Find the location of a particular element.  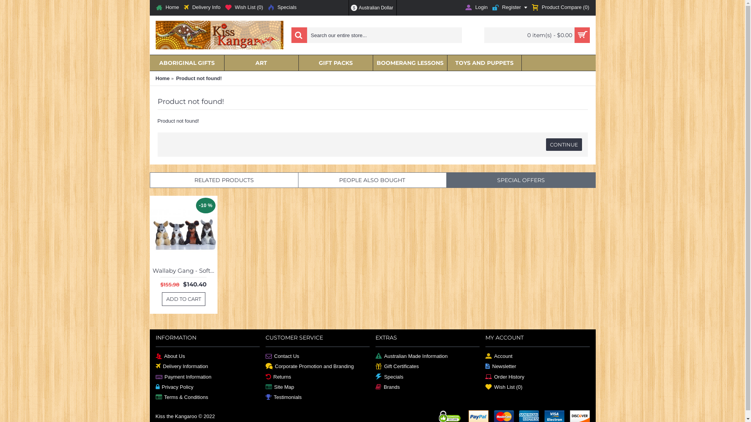

'Contact Us' is located at coordinates (265, 356).